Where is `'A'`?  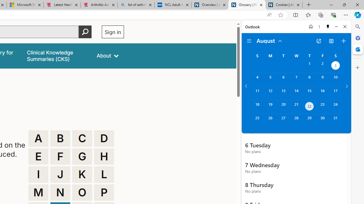
'A' is located at coordinates (38, 138).